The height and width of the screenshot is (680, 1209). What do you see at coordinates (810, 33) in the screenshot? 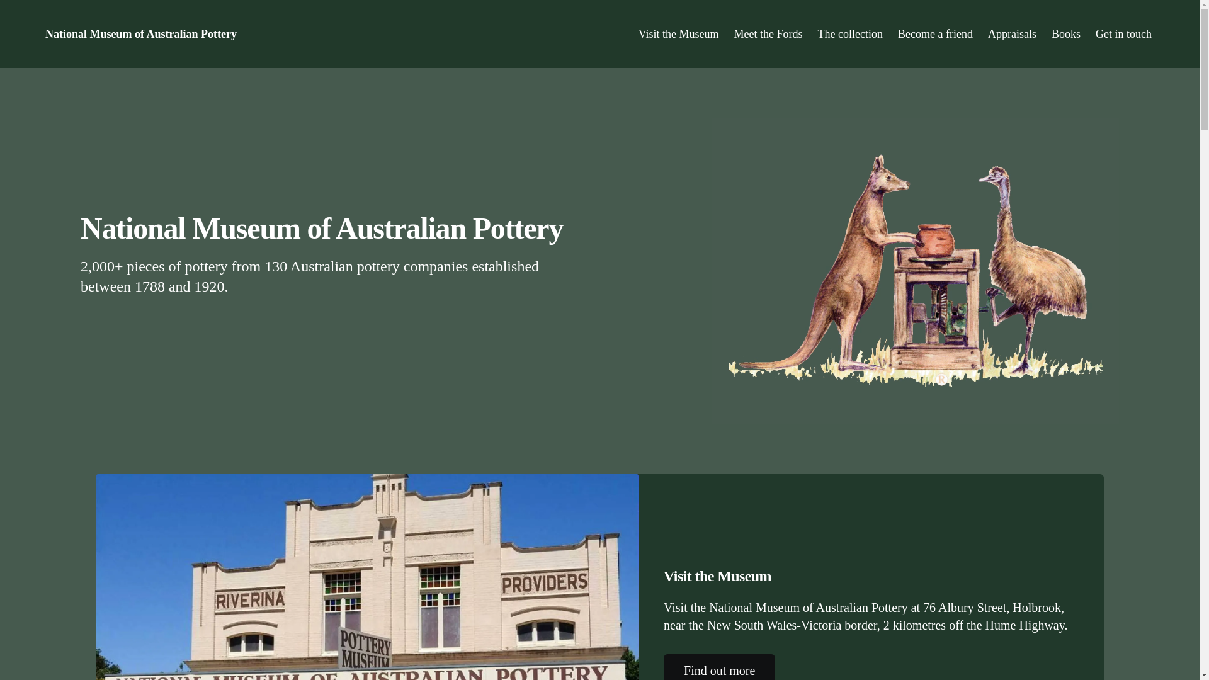
I see `'The collection'` at bounding box center [810, 33].